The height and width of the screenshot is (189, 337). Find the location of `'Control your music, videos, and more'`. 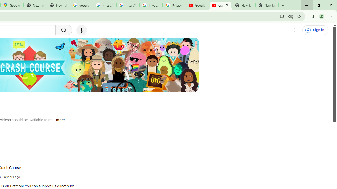

'Control your music, videos, and more' is located at coordinates (312, 16).